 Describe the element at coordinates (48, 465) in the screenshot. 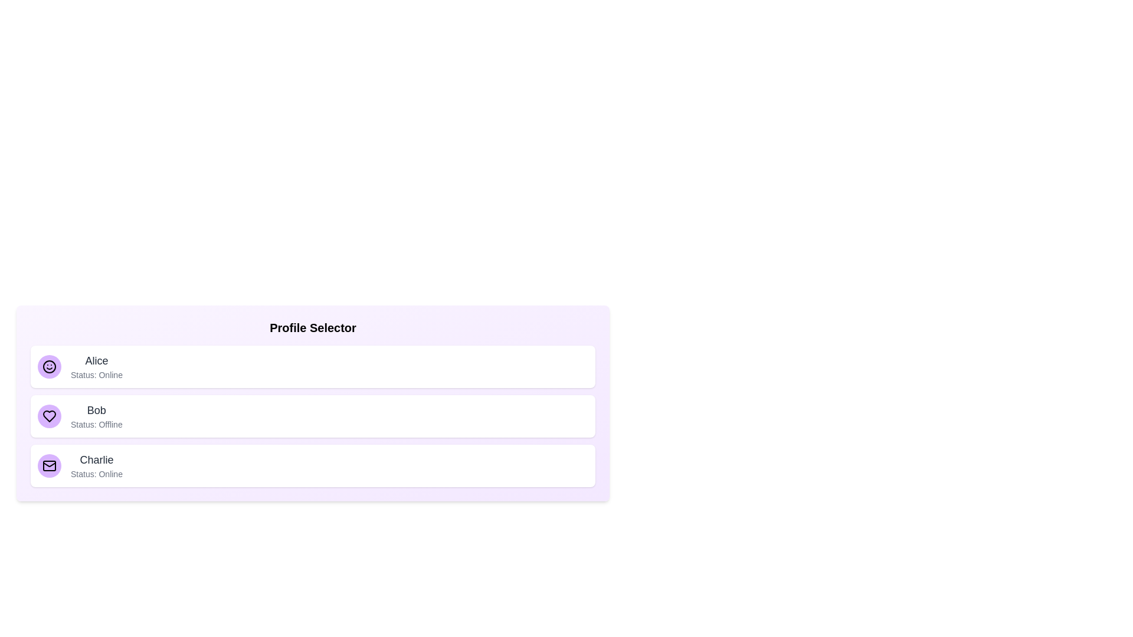

I see `the avatar associated with the profile Charlie` at that location.